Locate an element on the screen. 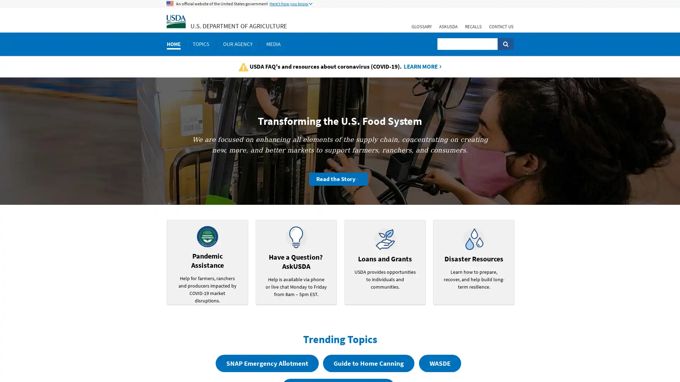 This screenshot has height=382, width=680. AskUSDA icon Have a Question? AskUSDA Help is available via phone or live chat Monday to Friday from 8am  5pm EST. is located at coordinates (296, 262).